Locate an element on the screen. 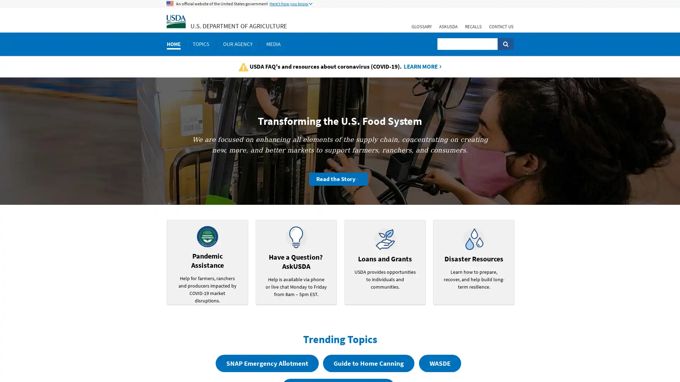 This screenshot has height=382, width=680. AskUSDA icon Have a Question? AskUSDA Help is available via phone or live chat Monday to Friday from 8am  5pm EST. is located at coordinates (296, 262).